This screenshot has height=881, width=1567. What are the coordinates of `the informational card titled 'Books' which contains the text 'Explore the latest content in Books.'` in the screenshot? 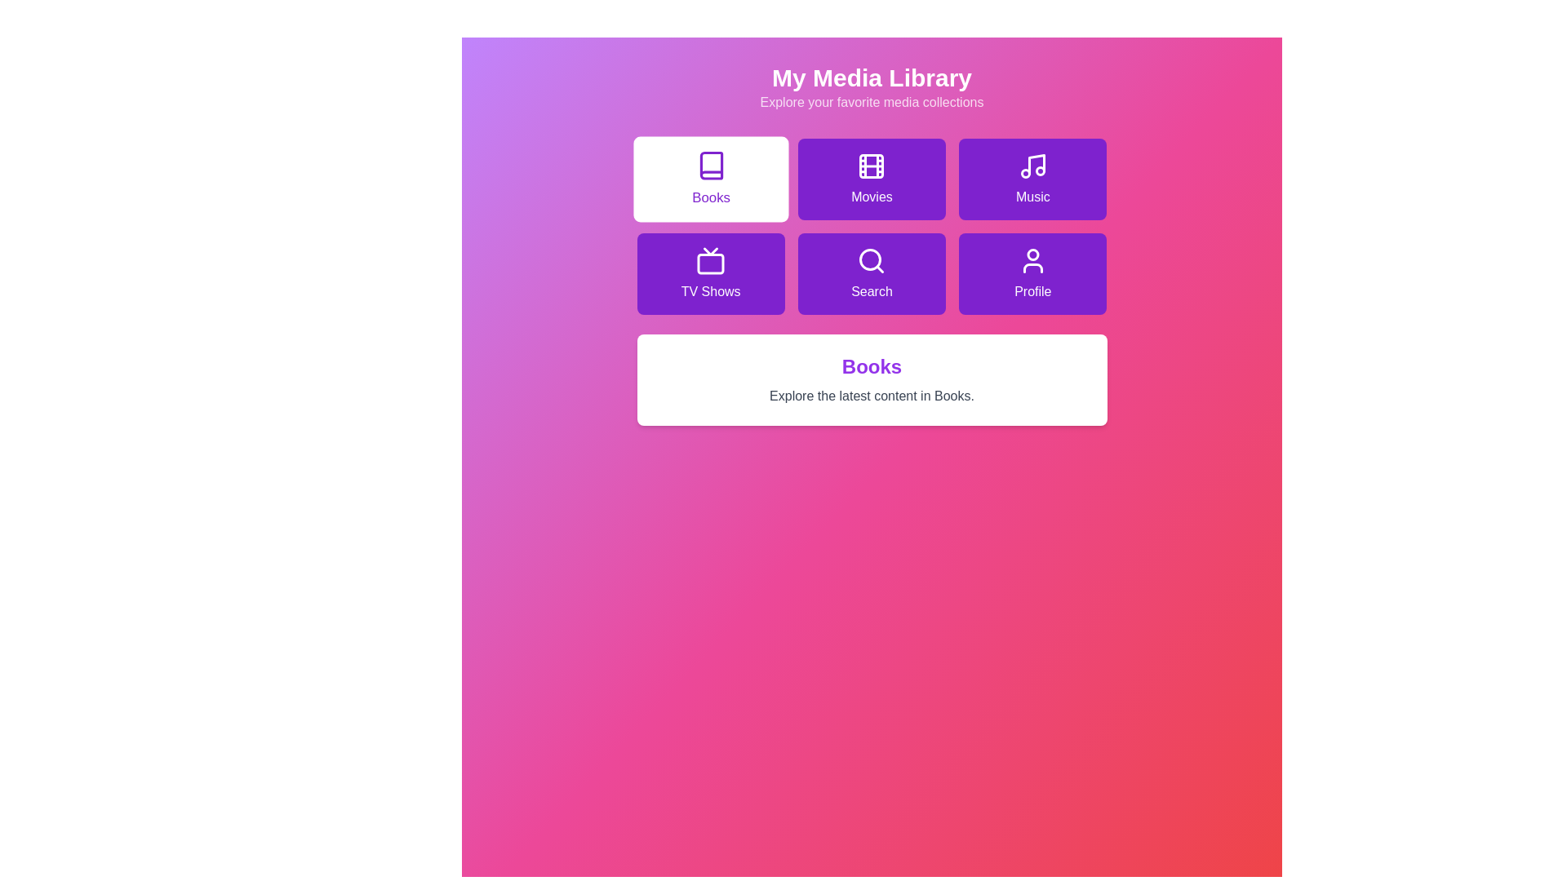 It's located at (871, 380).